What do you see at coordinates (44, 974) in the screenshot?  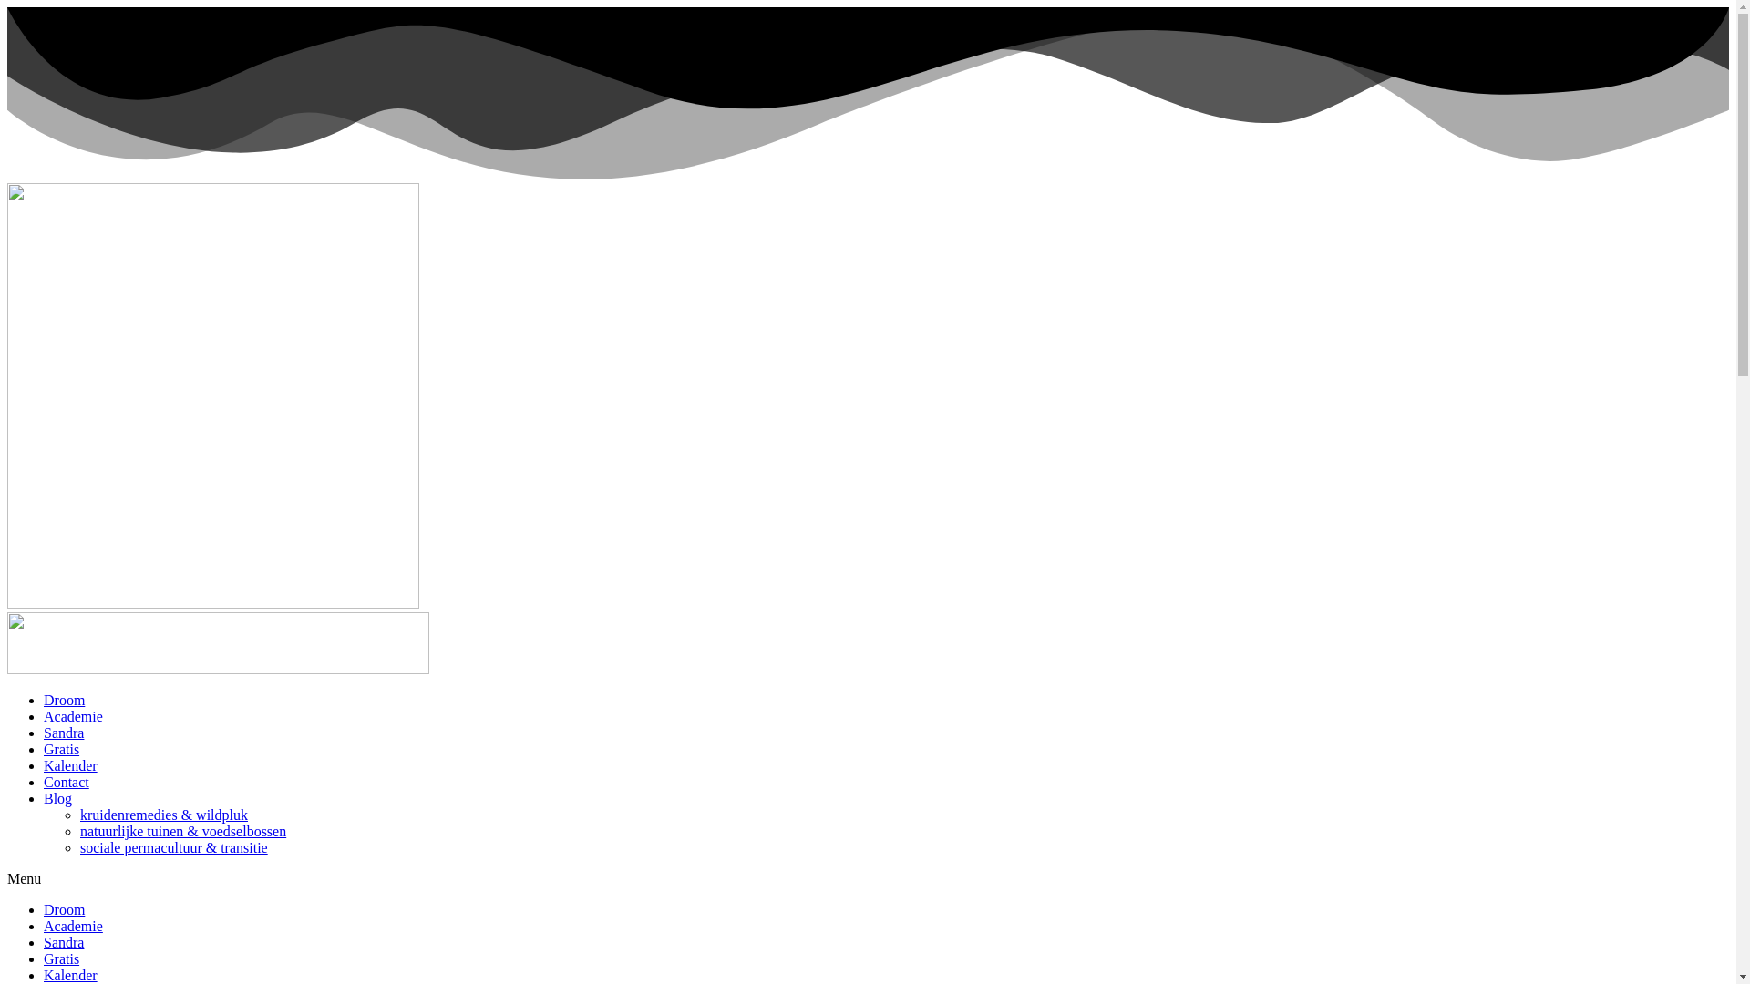 I see `'Kalender'` at bounding box center [44, 974].